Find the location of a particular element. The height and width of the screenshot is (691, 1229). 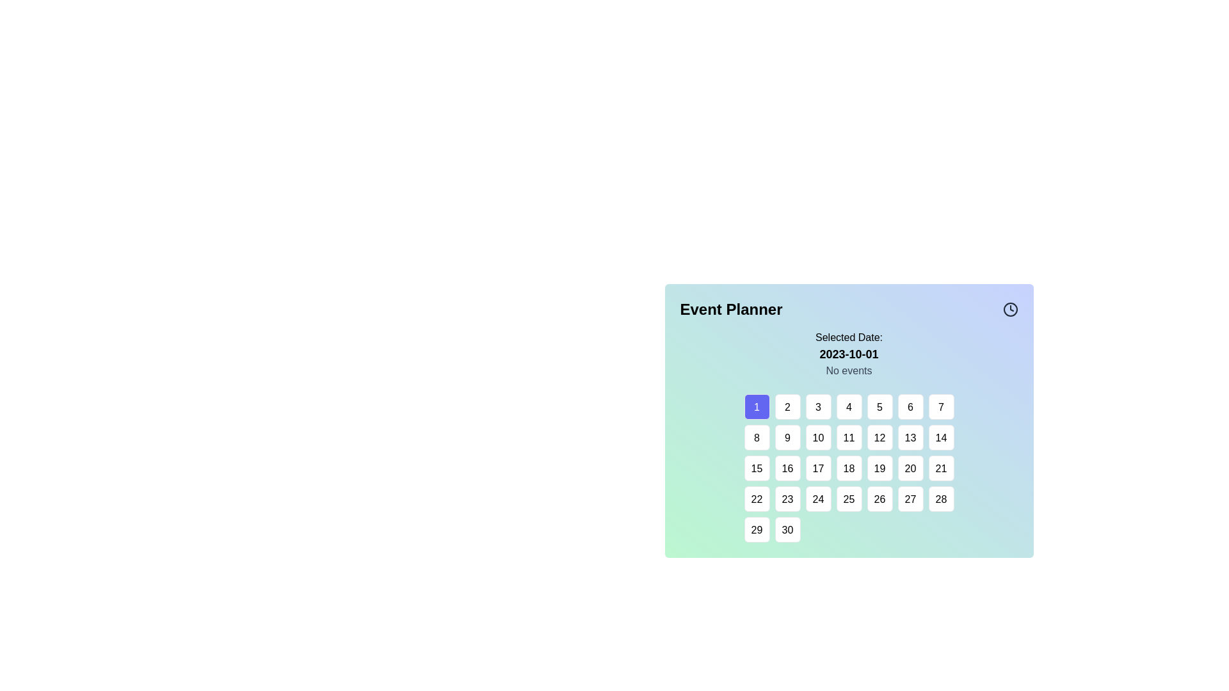

the date selector button located is located at coordinates (910, 436).